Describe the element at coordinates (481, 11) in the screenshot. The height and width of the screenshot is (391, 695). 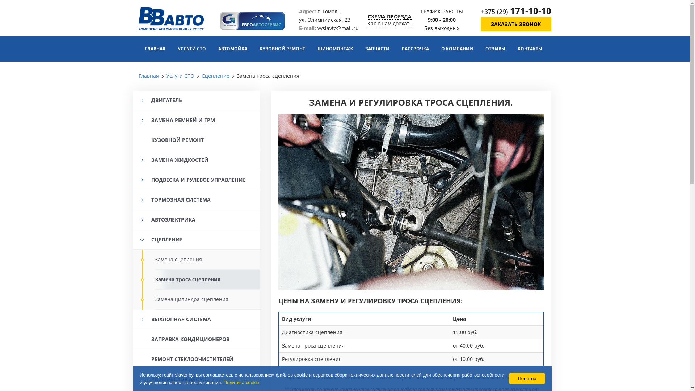
I see `'+375 (29) 171-10-10'` at that location.